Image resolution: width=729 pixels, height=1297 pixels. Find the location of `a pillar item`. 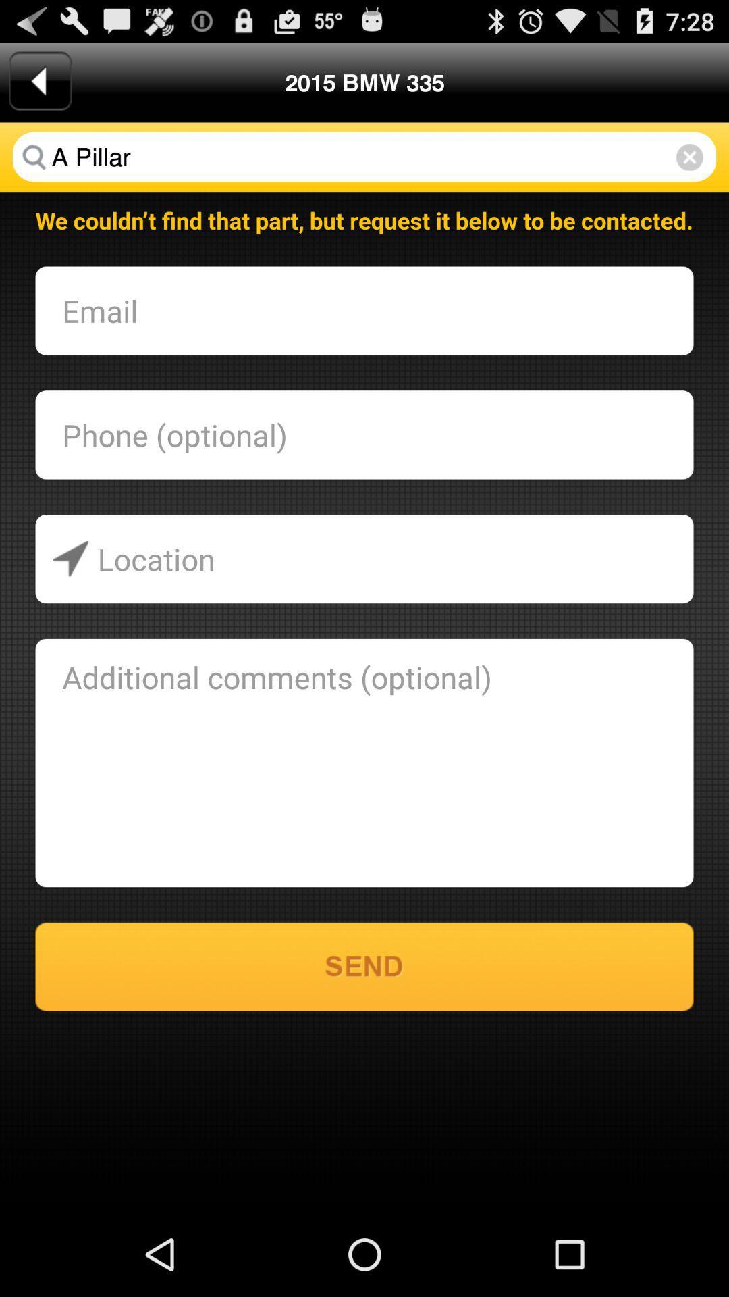

a pillar item is located at coordinates (364, 157).